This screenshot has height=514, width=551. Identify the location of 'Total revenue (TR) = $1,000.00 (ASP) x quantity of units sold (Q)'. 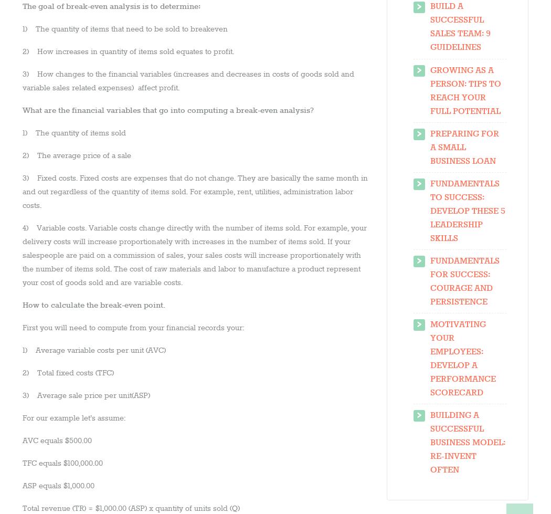
(131, 508).